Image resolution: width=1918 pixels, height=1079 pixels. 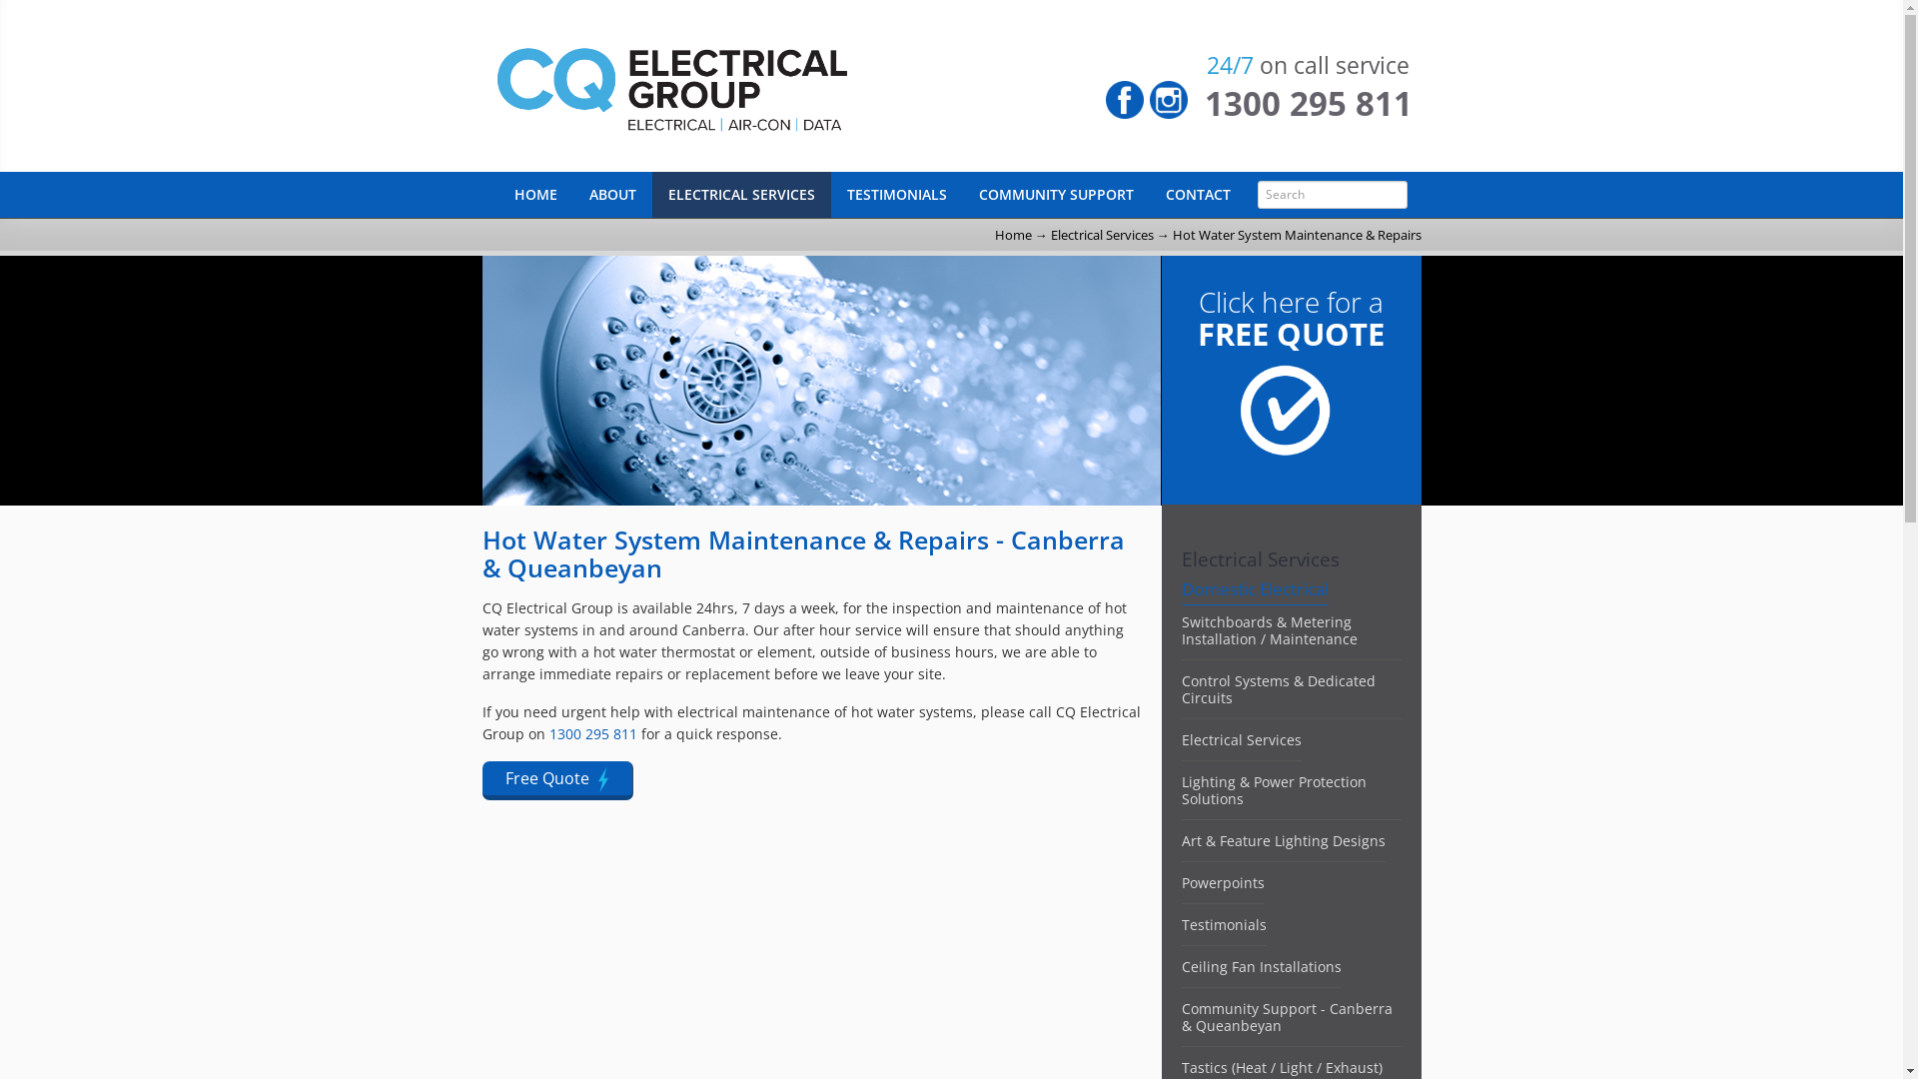 What do you see at coordinates (739, 195) in the screenshot?
I see `'ELECTRICAL SERVICES'` at bounding box center [739, 195].